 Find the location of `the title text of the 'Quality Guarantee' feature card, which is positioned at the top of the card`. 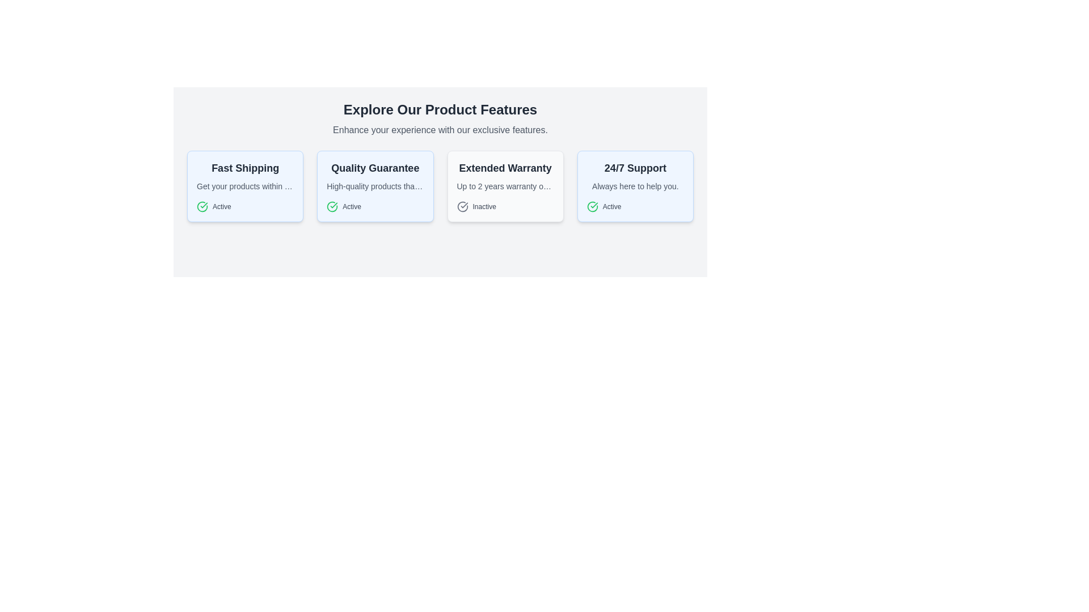

the title text of the 'Quality Guarantee' feature card, which is positioned at the top of the card is located at coordinates (375, 168).